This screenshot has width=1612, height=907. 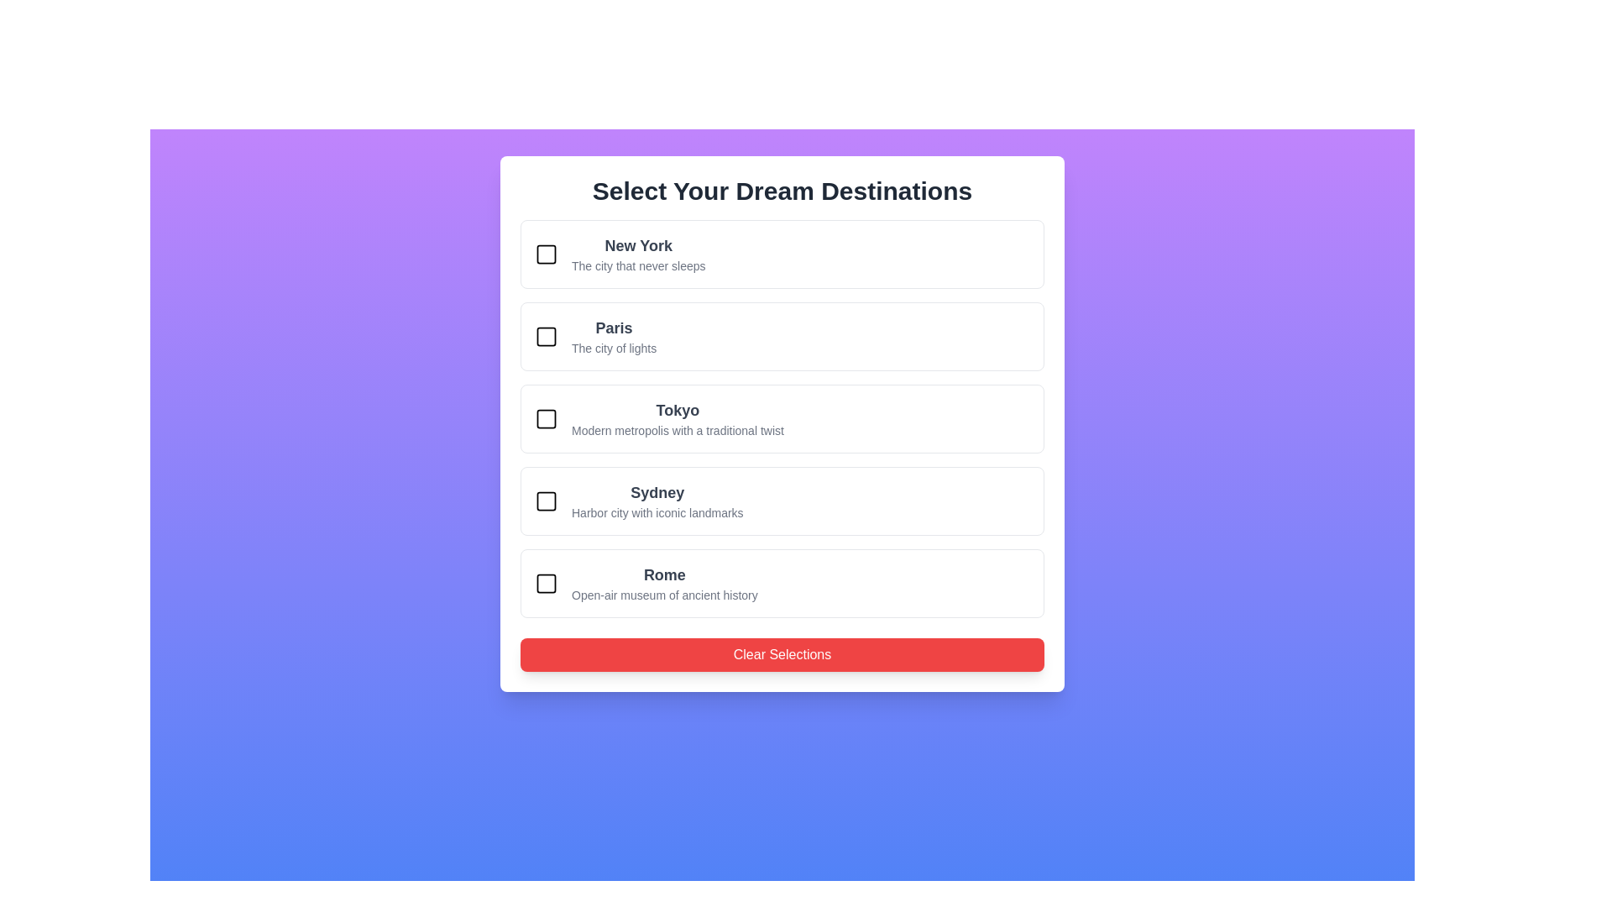 I want to click on the city card for New York, so click(x=781, y=254).